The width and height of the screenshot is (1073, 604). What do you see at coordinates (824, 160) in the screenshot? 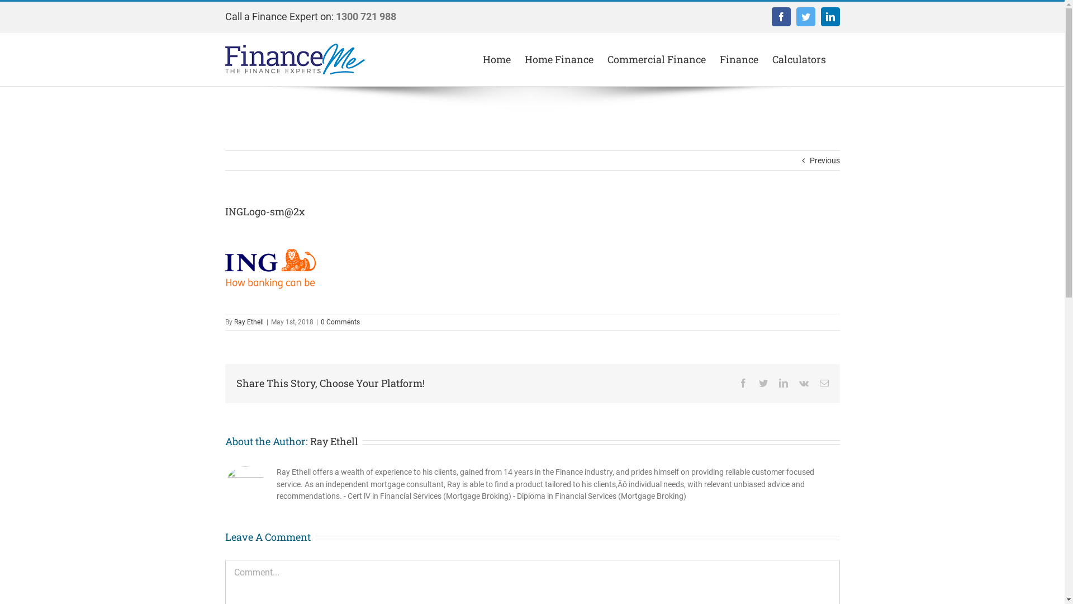
I see `'Previous'` at bounding box center [824, 160].